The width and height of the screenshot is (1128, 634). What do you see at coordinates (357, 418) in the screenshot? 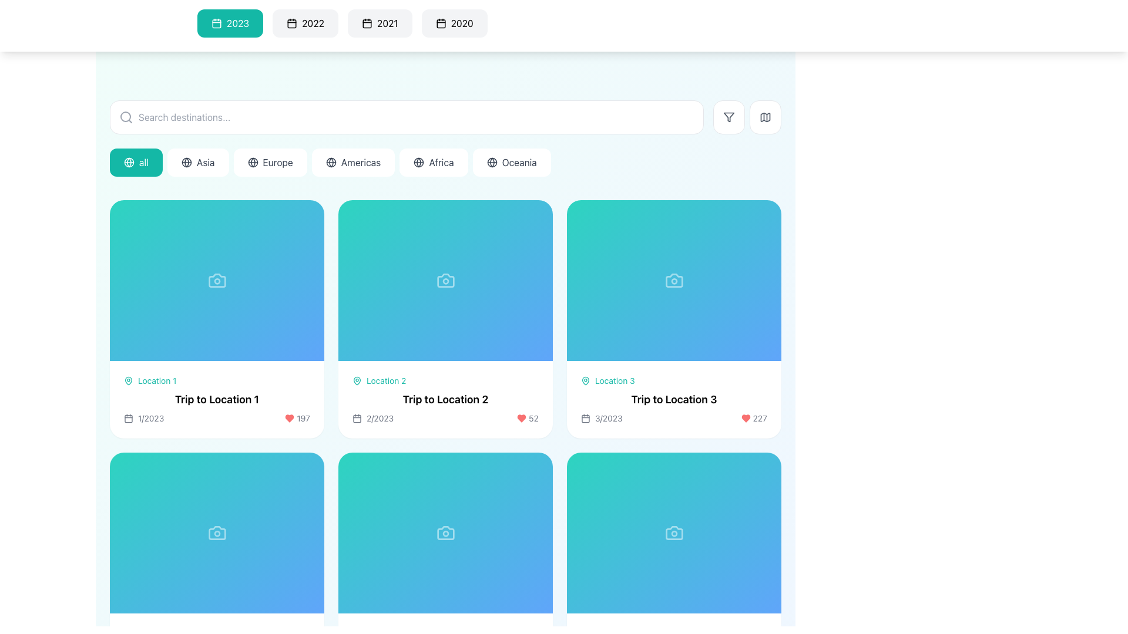
I see `the SVG Rectangle that is part of the calendar icon in the second trip card associated with 'Trip to Location 2.'` at bounding box center [357, 418].